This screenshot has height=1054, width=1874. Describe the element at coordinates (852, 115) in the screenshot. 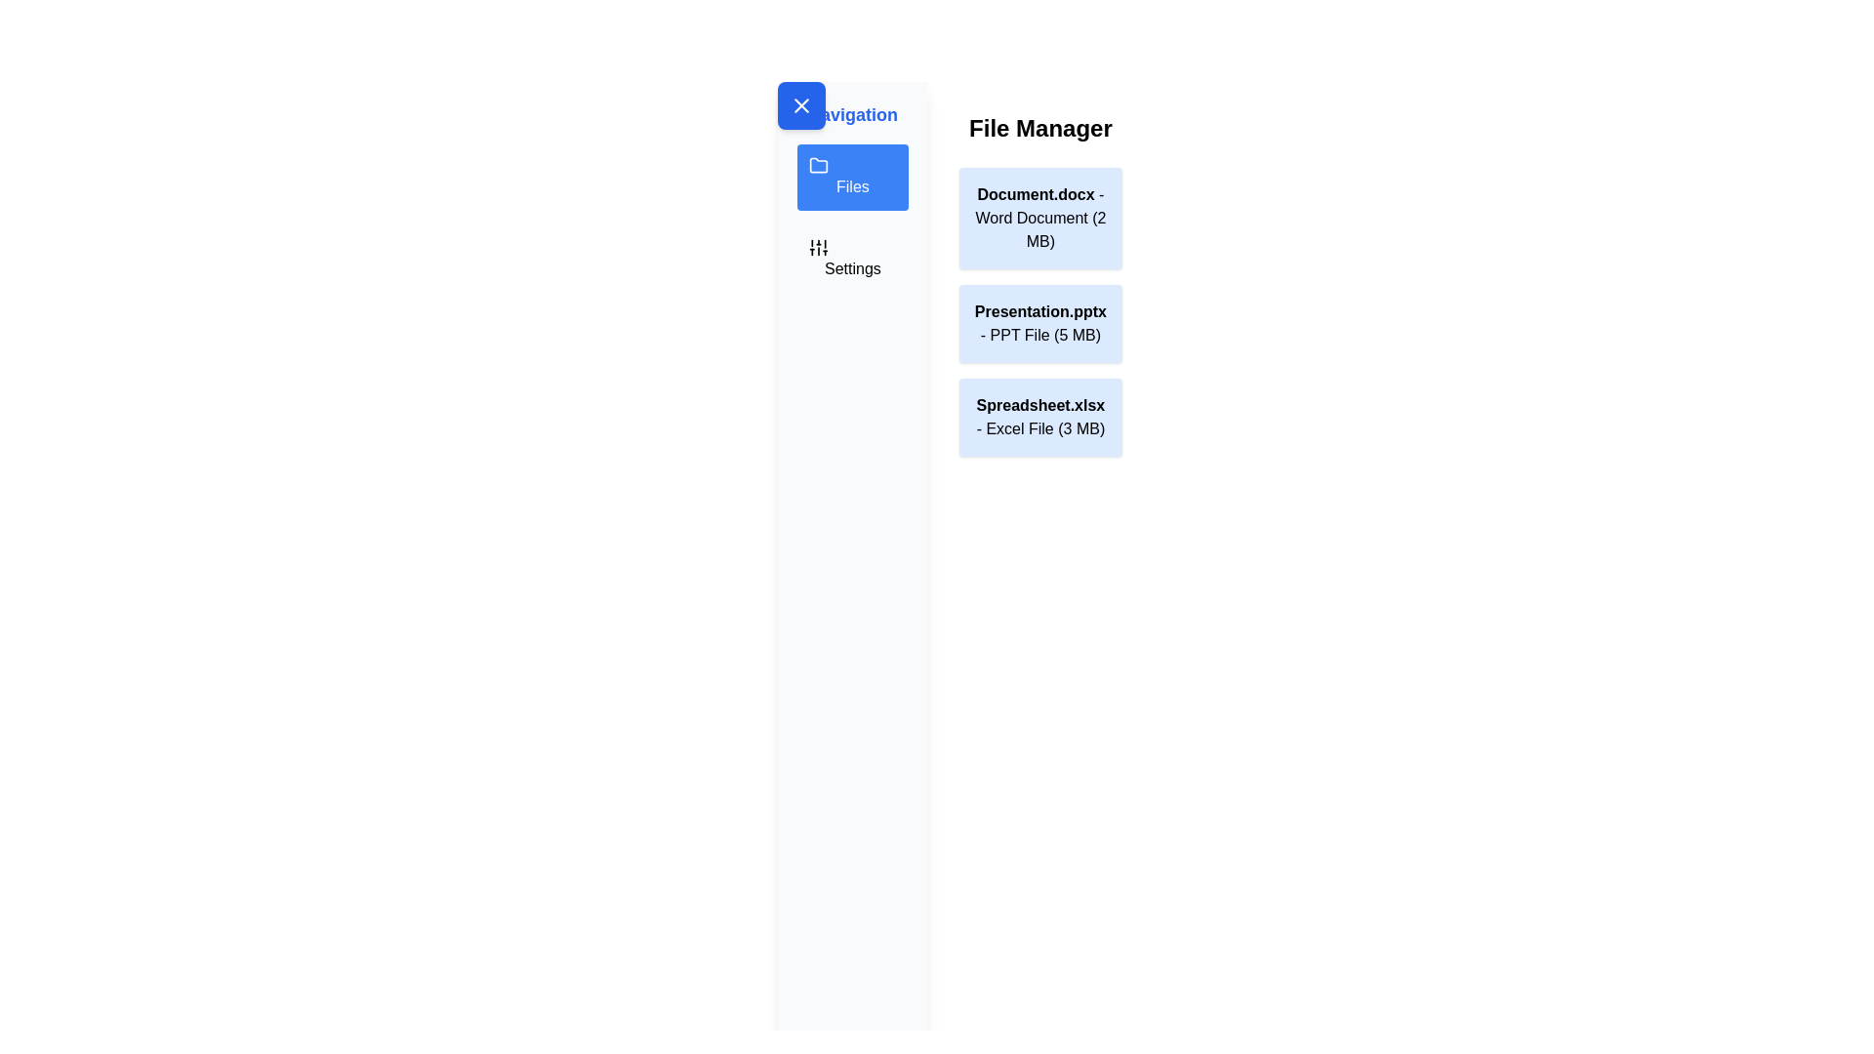

I see `the bold, large-sized text label 'Navigation' styled in blue at the top of the vertical navigation sidebar` at that location.